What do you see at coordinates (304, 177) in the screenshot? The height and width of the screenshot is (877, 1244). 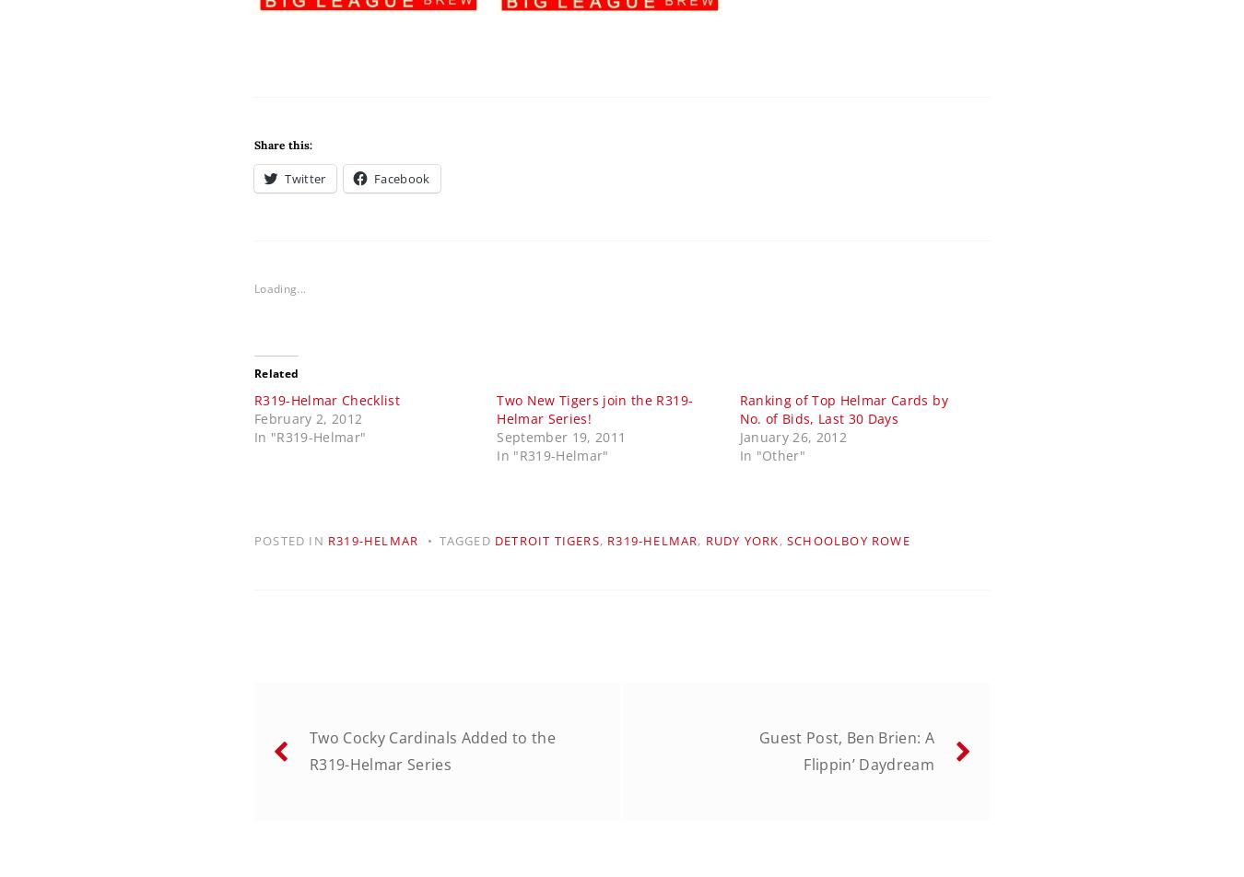 I see `'Twitter'` at bounding box center [304, 177].